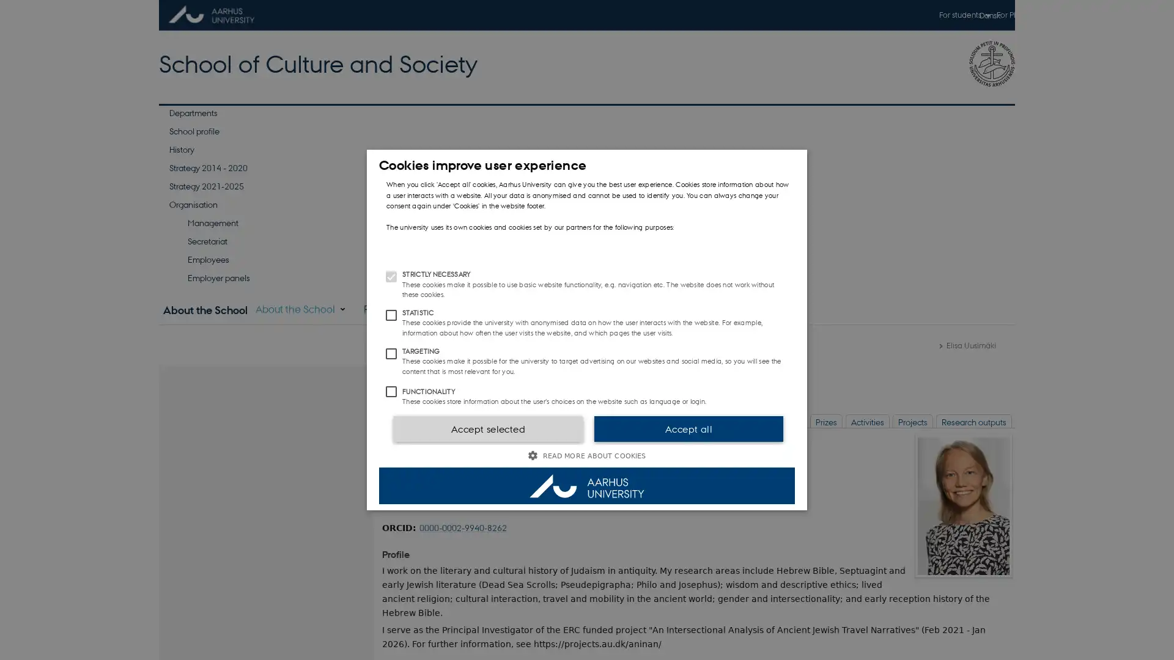  I want to click on READ MORE ABOUT COOKIES, so click(587, 455).